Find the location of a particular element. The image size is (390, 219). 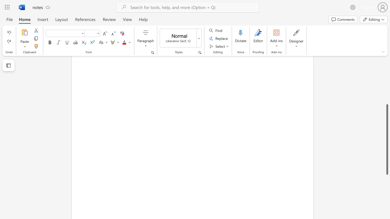

the scrollbar on the right side to scroll the page up is located at coordinates (387, 45).